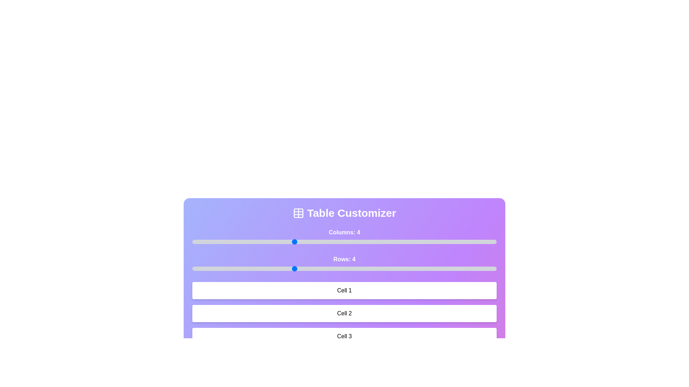 This screenshot has width=689, height=387. What do you see at coordinates (192, 242) in the screenshot?
I see `the column slider to set the number of columns to 2` at bounding box center [192, 242].